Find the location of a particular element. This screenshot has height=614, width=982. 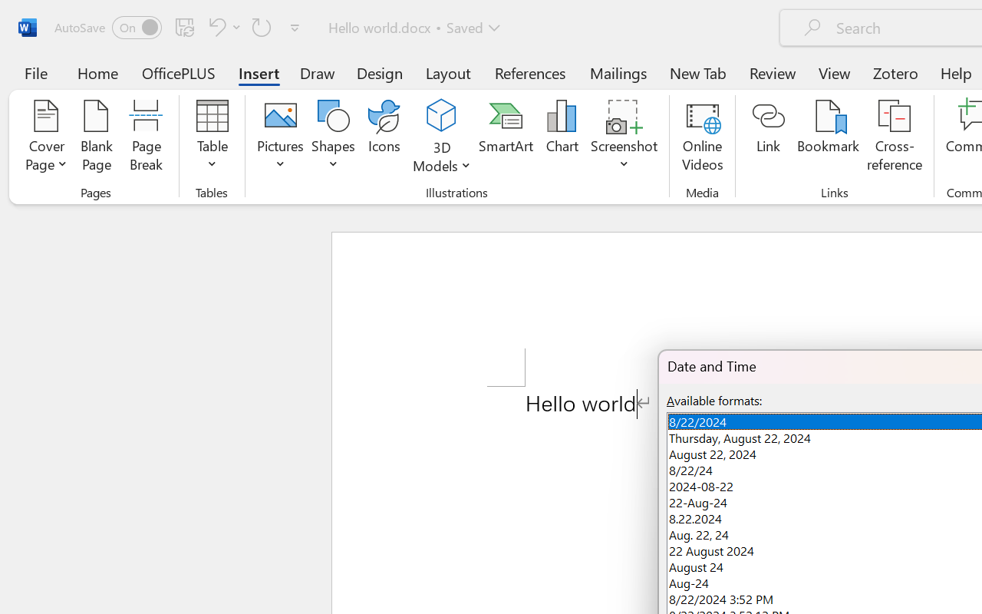

'Draw' is located at coordinates (317, 72).